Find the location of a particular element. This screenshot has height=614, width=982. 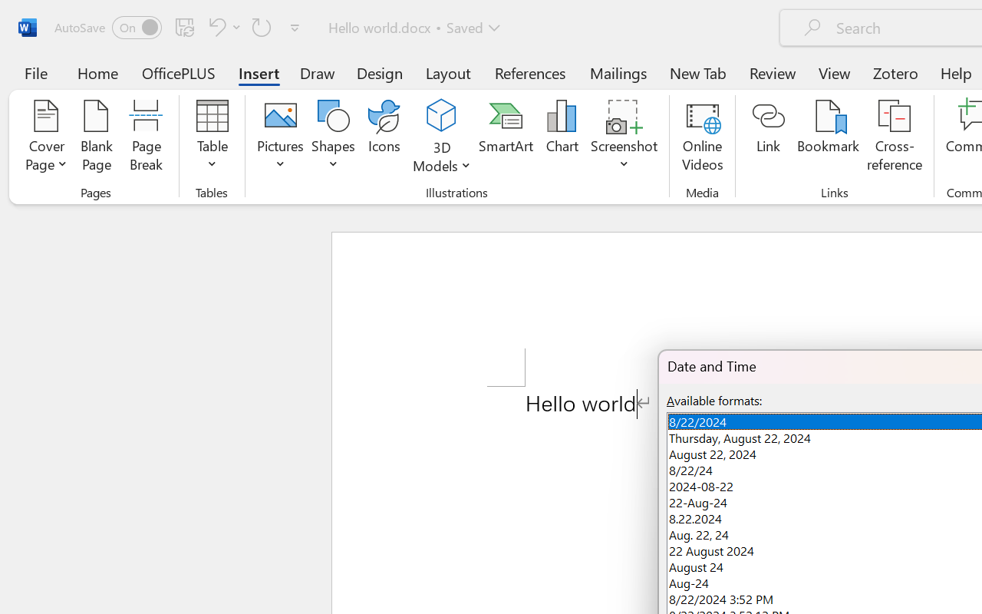

'Draw' is located at coordinates (317, 72).